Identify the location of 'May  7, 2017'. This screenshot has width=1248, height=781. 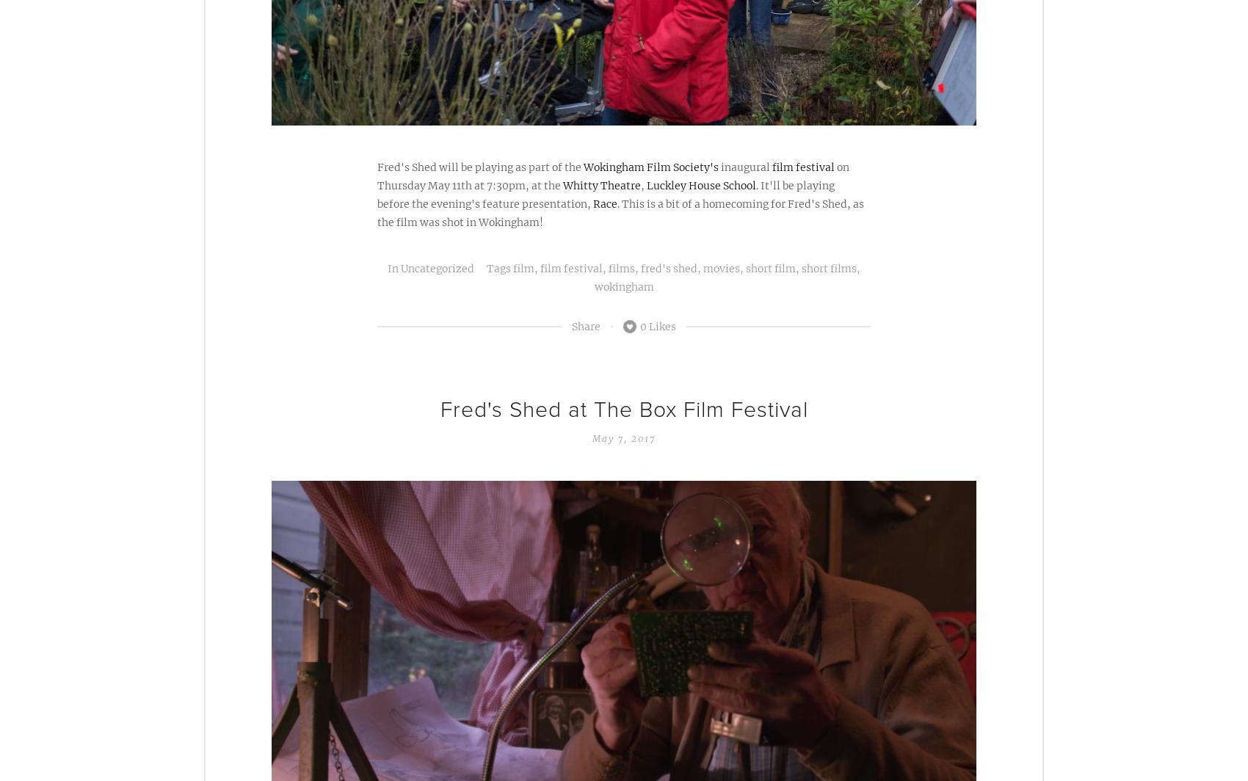
(624, 437).